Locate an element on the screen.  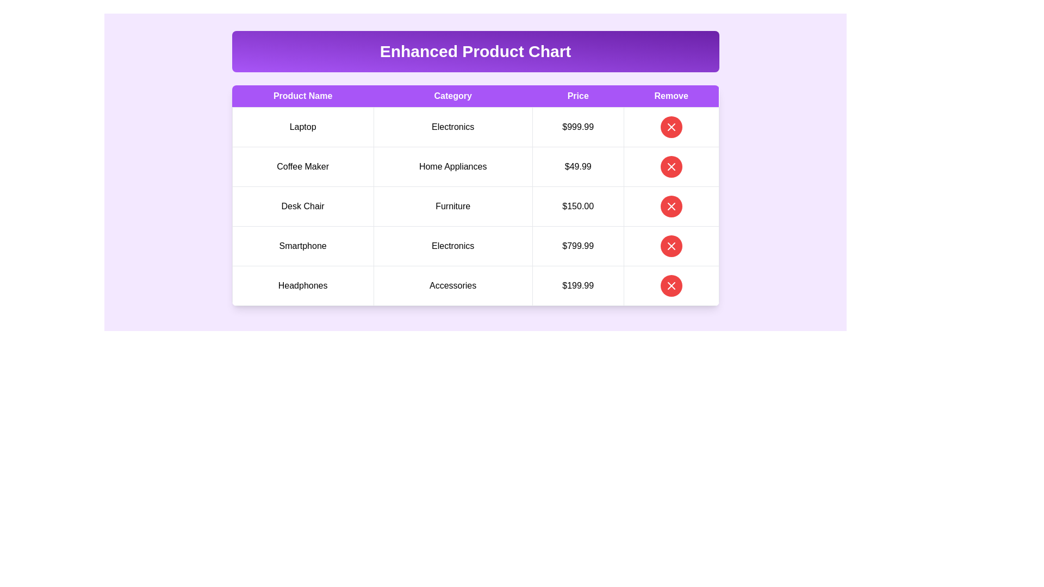
the 'Remove' button located in the last column of the last row in the table is located at coordinates (670, 246).